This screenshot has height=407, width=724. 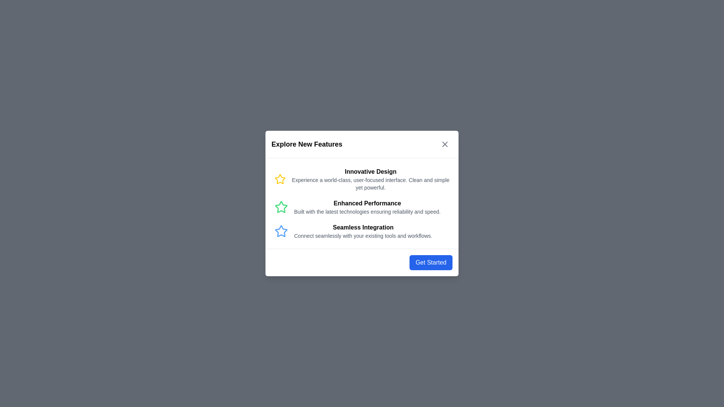 What do you see at coordinates (363, 227) in the screenshot?
I see `the bold text label reading 'Seamless Integration', which is the title of its section in the 'Explore New Features' popup modal` at bounding box center [363, 227].